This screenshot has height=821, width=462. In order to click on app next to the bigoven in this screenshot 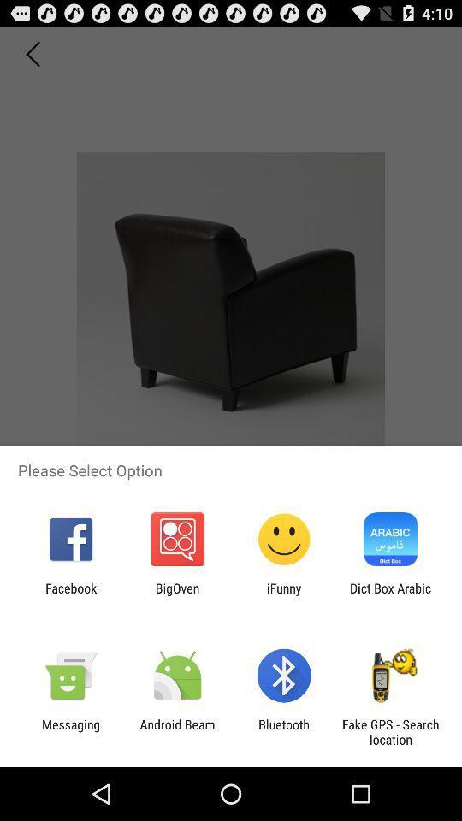, I will do `click(70, 595)`.